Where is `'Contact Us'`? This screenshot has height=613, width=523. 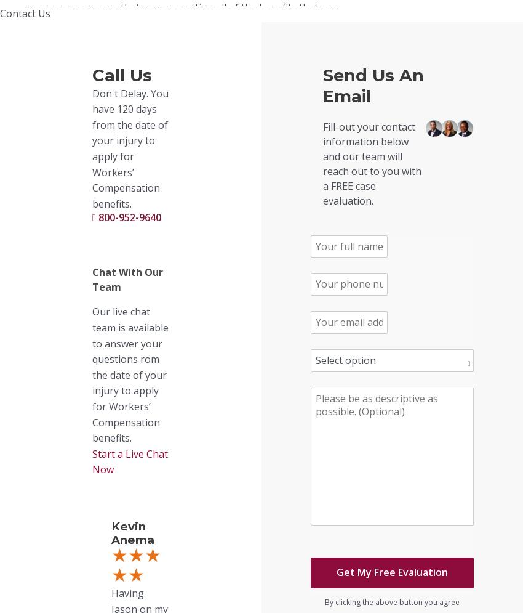
'Contact Us' is located at coordinates (24, 13).